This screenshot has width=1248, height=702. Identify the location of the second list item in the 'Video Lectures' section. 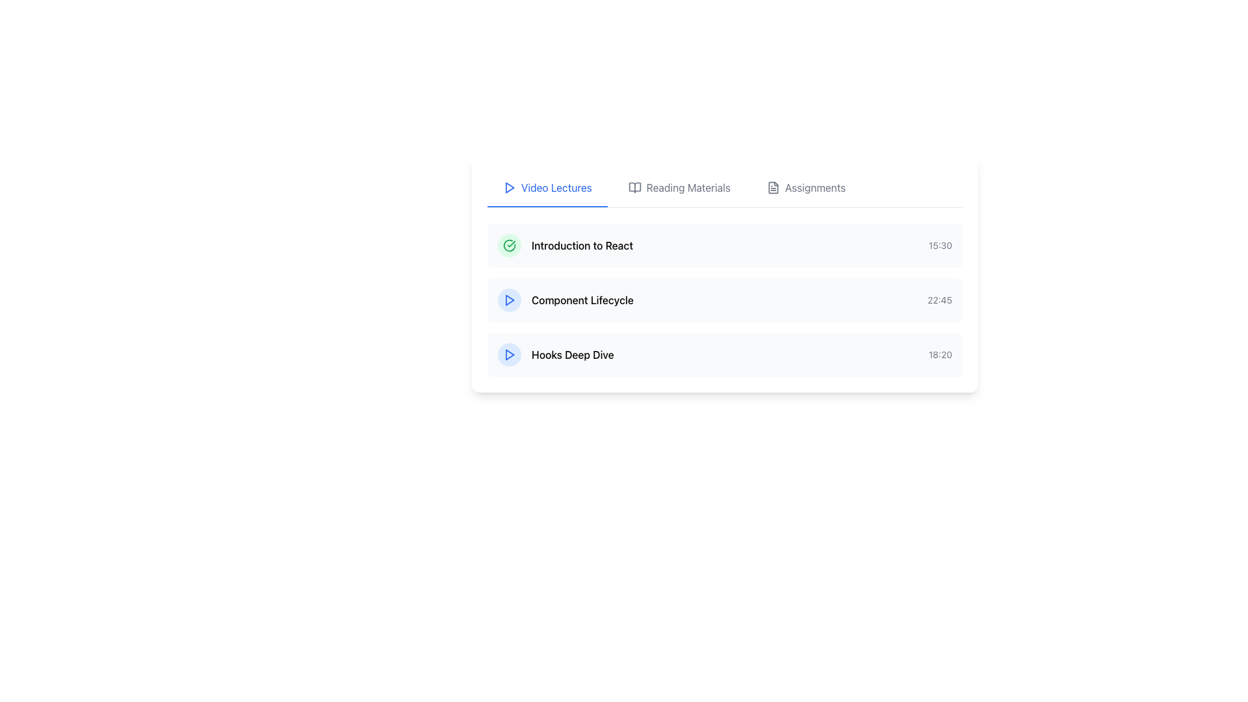
(724, 300).